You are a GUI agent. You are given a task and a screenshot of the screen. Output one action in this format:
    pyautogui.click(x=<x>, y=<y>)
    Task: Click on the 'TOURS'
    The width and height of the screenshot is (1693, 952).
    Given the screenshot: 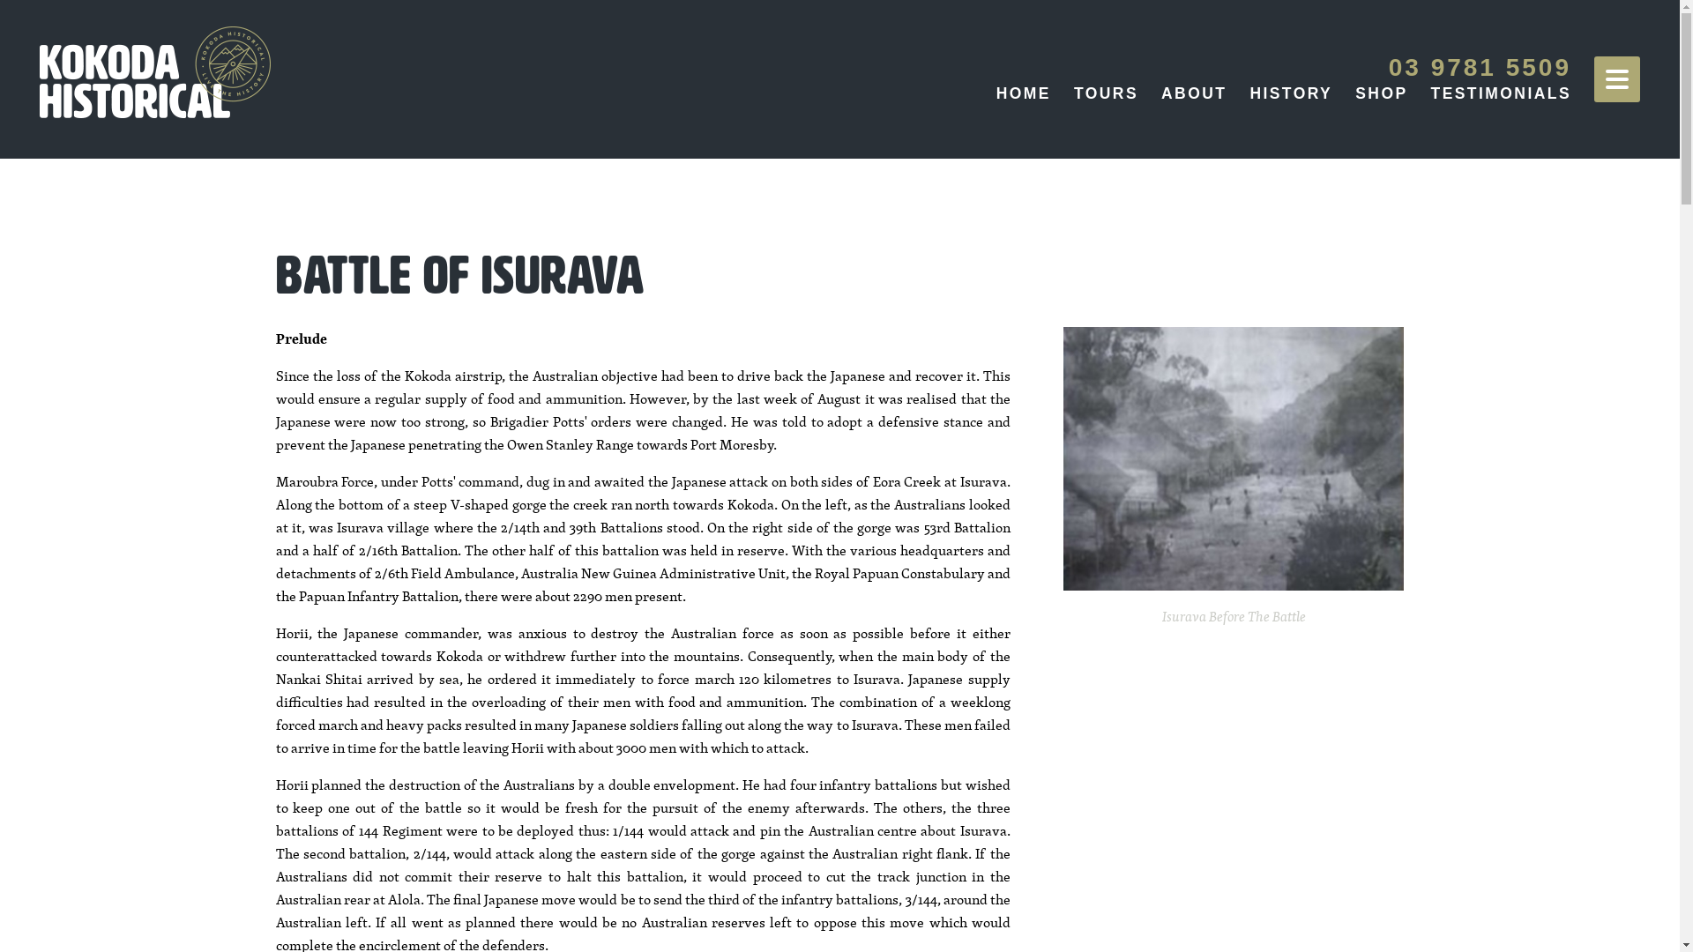 What is the action you would take?
    pyautogui.click(x=1073, y=93)
    